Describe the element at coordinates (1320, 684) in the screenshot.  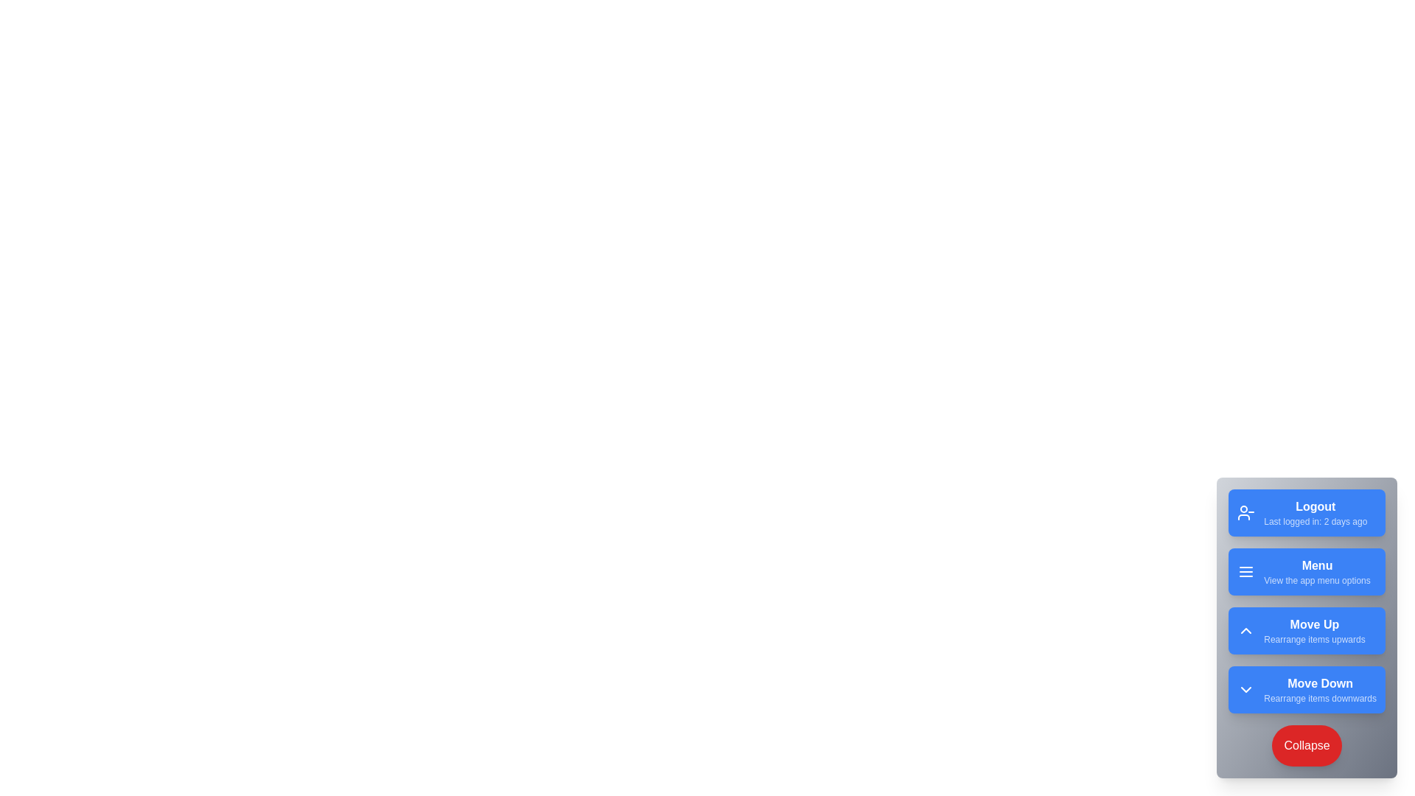
I see `the 'Move Down' text label, which is displayed in a bold font within a blue rectangular area at the bottom-right of the interface` at that location.